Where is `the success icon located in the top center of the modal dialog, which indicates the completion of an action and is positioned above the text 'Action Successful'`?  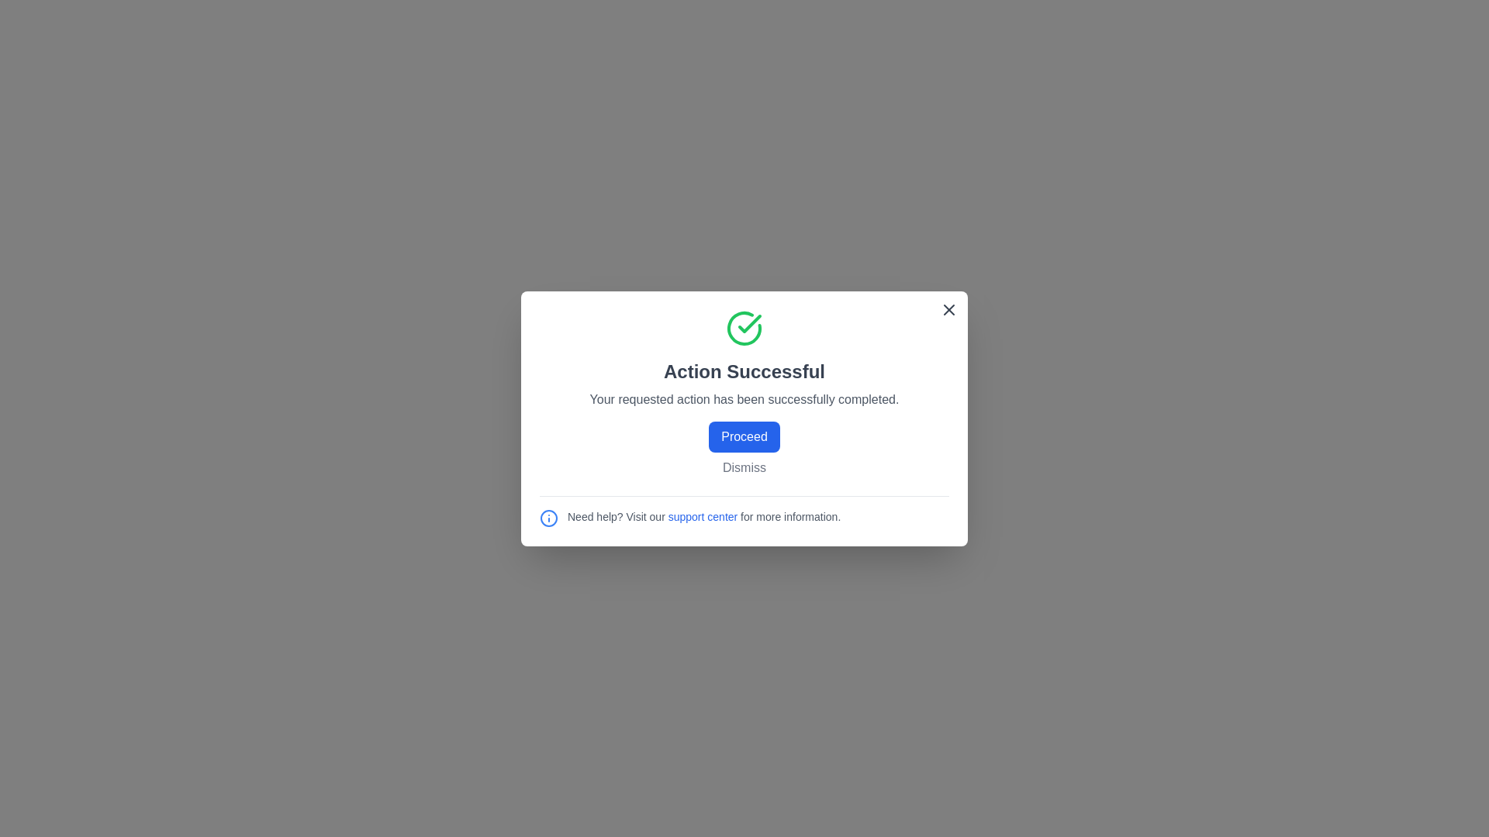
the success icon located in the top center of the modal dialog, which indicates the completion of an action and is positioned above the text 'Action Successful' is located at coordinates (749, 322).